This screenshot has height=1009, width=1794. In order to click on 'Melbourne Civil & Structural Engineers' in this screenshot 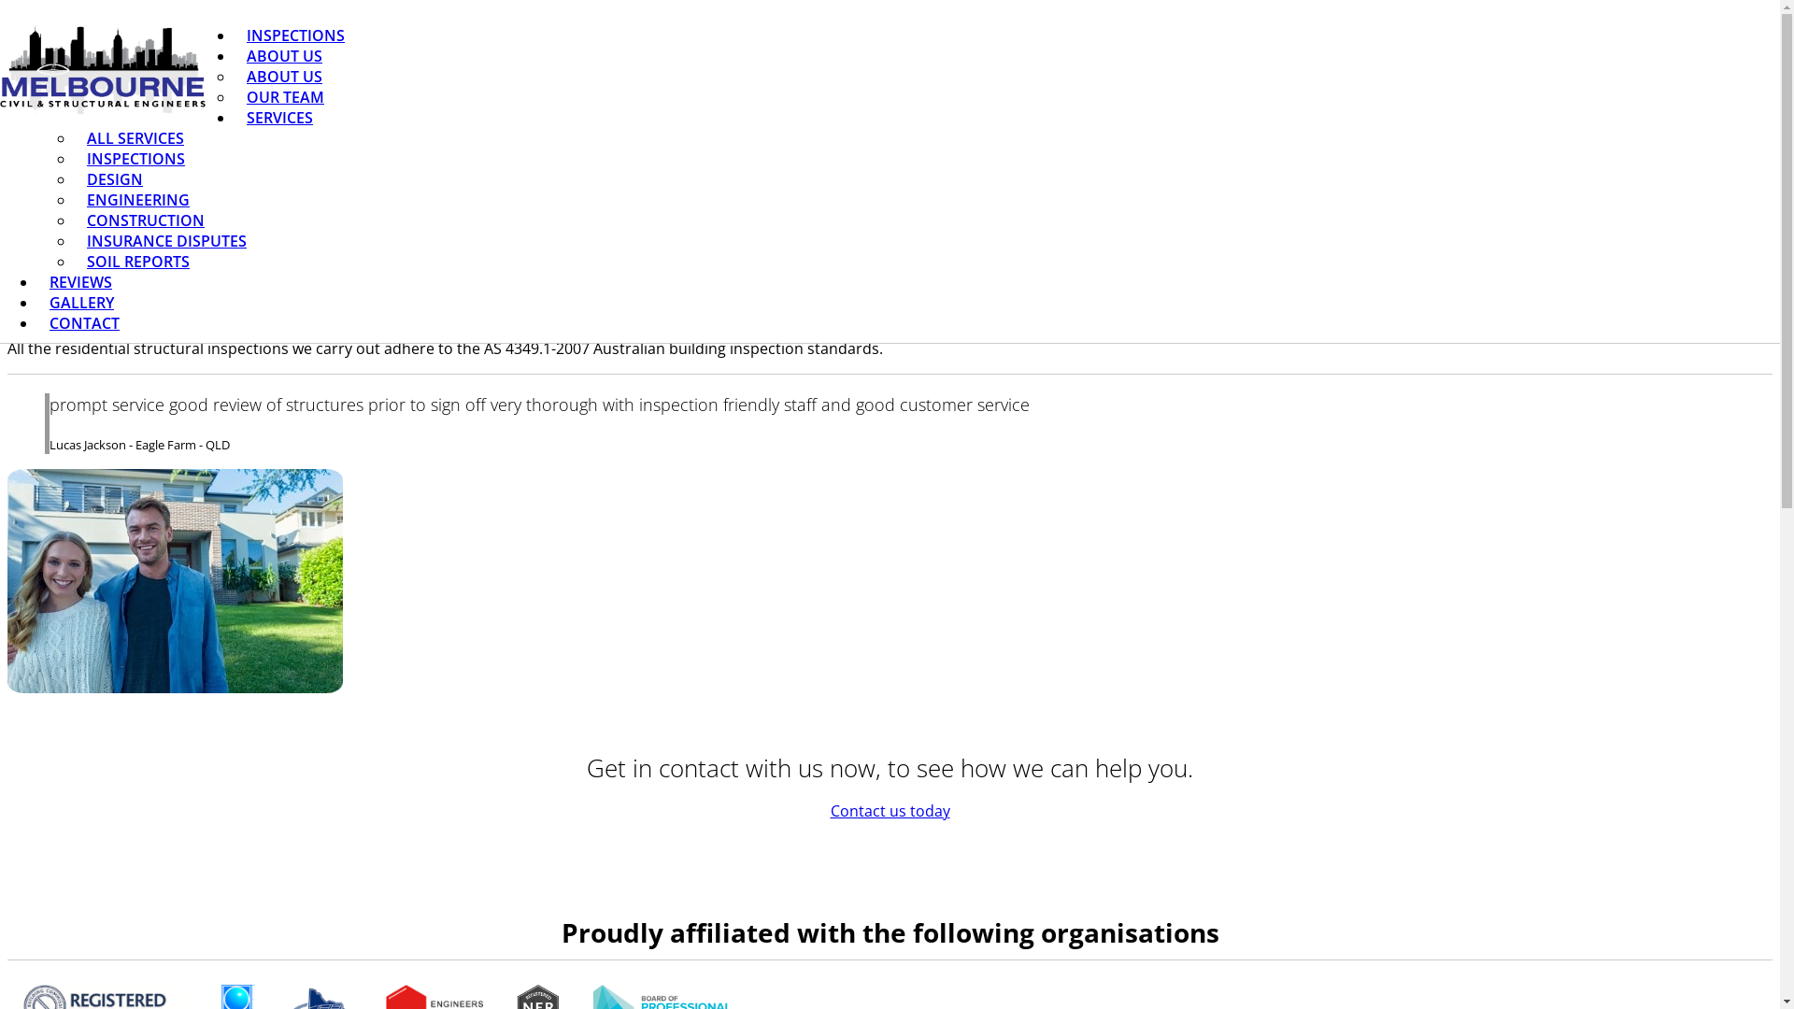, I will do `click(102, 69)`.